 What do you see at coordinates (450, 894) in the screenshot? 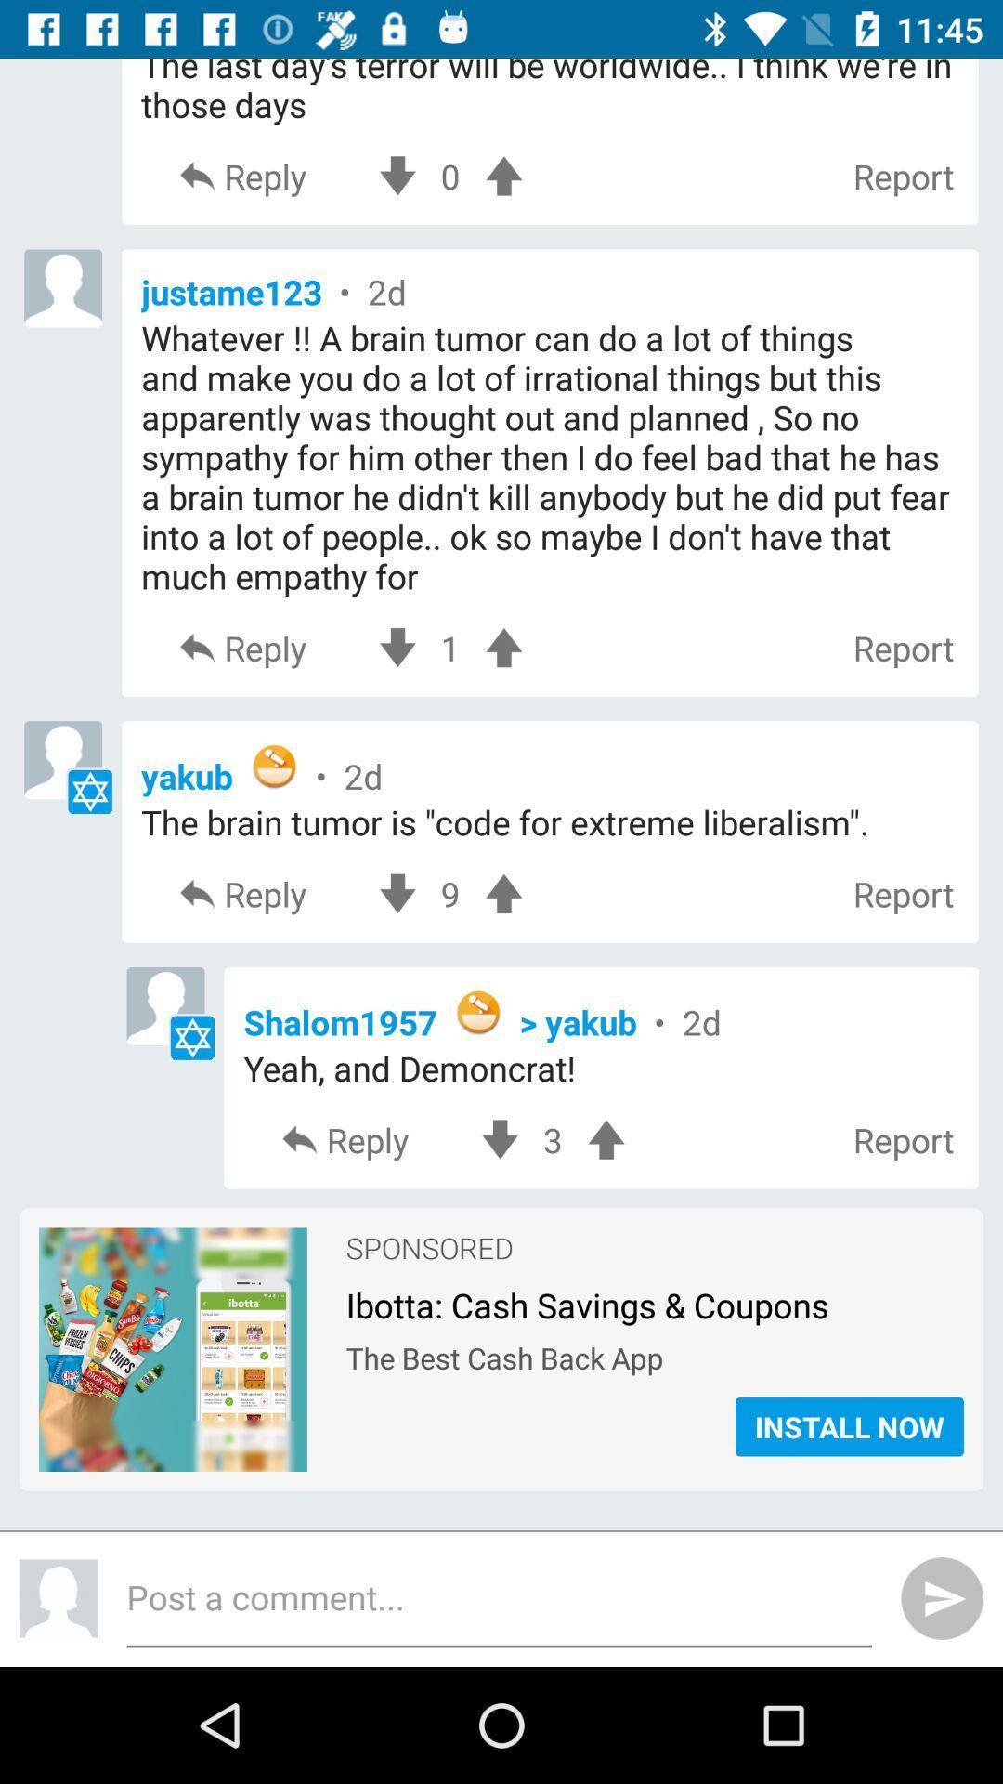
I see `the 9 item` at bounding box center [450, 894].